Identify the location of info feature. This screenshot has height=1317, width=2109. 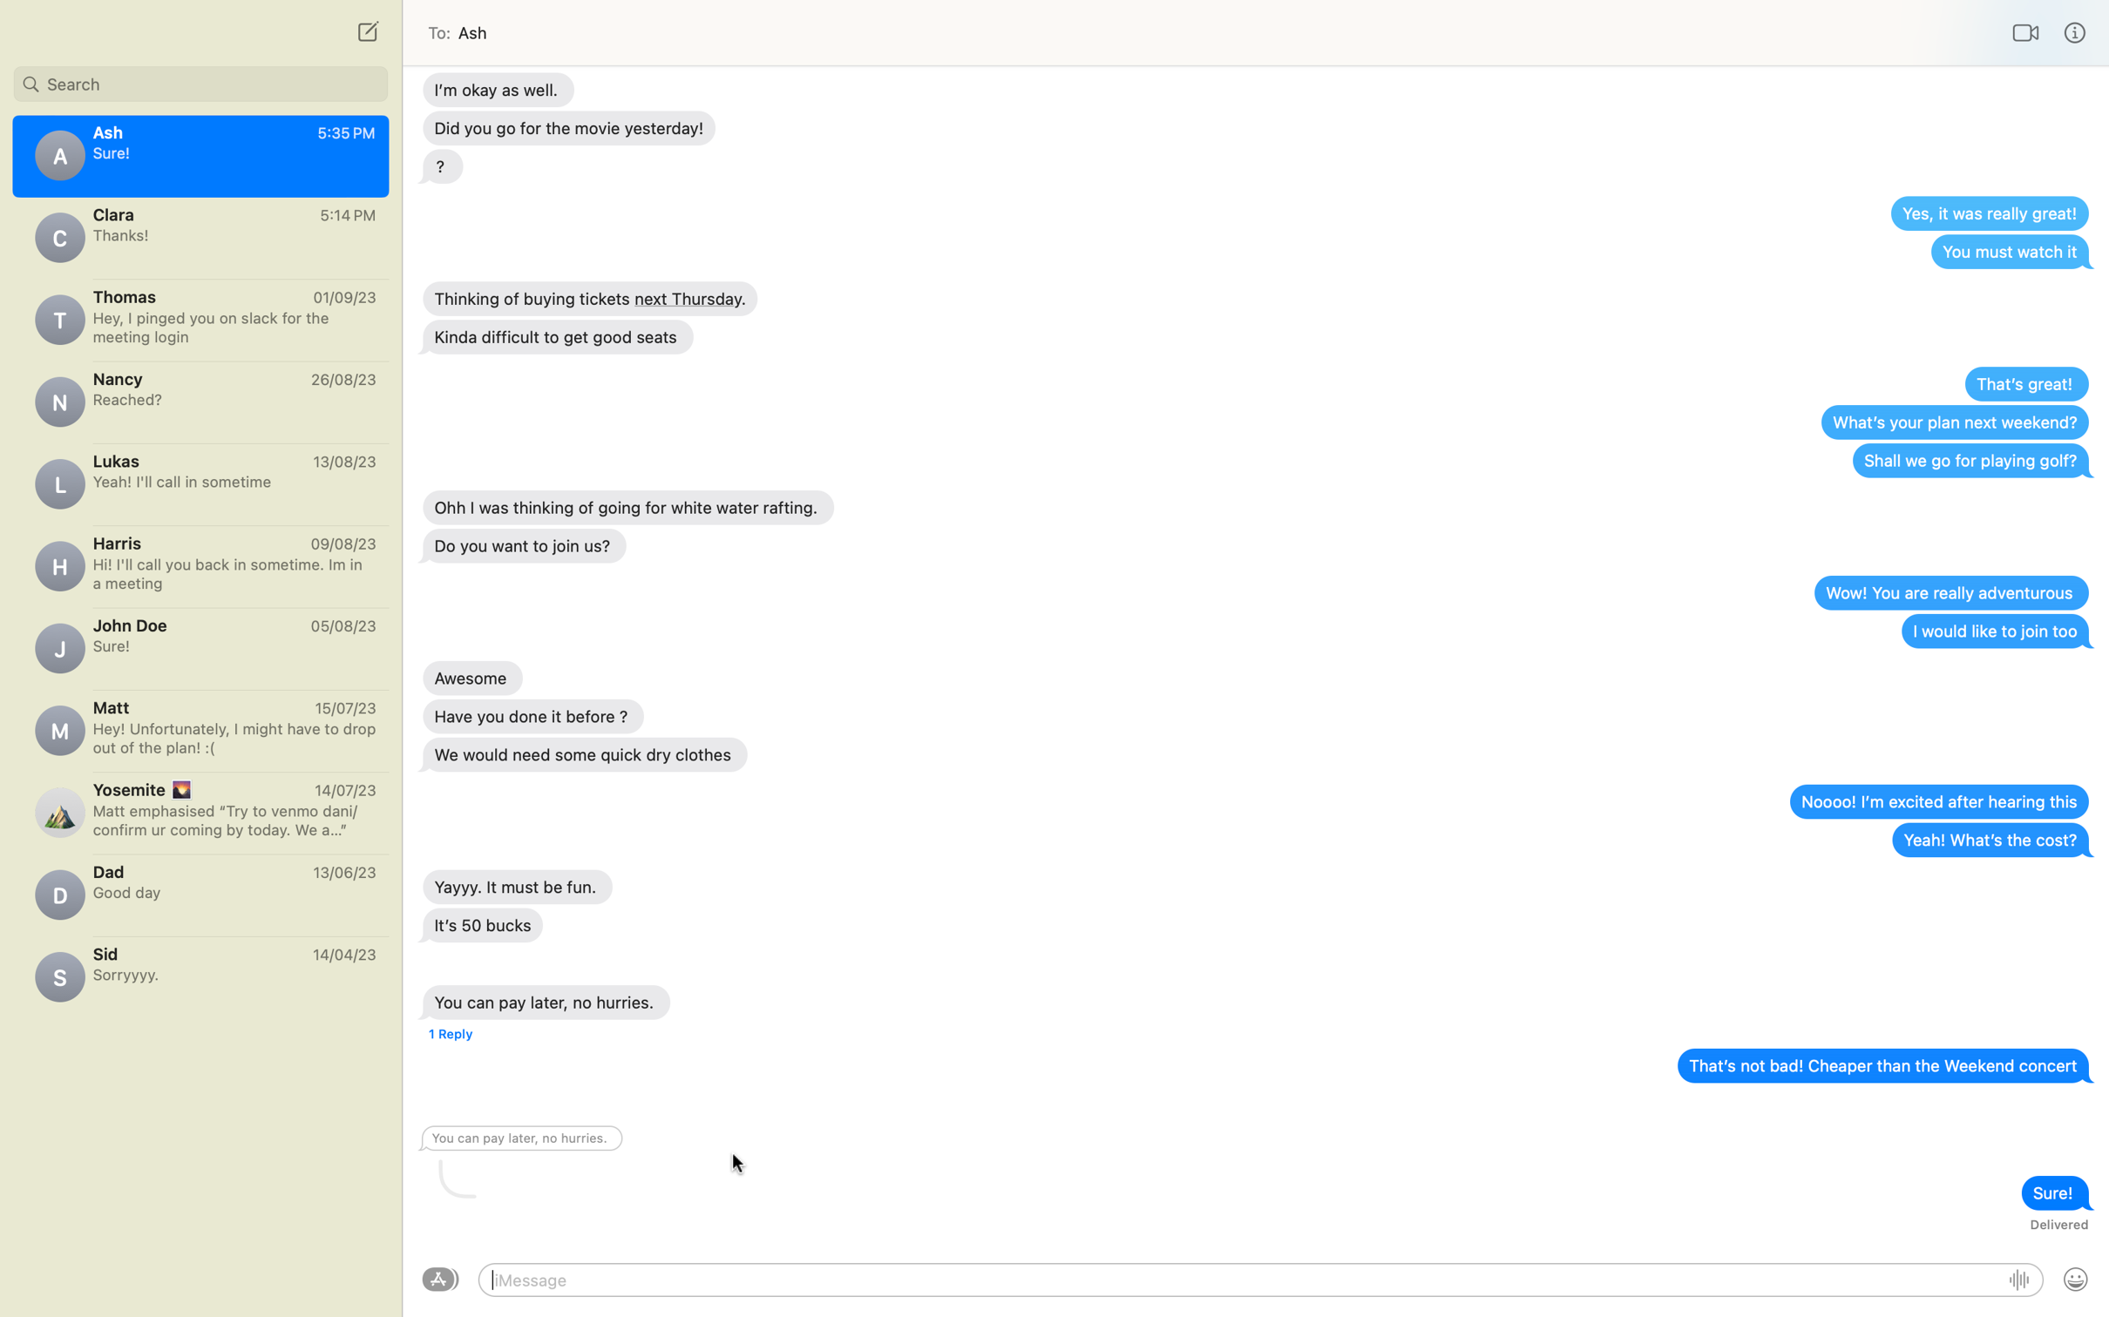
(2075, 32).